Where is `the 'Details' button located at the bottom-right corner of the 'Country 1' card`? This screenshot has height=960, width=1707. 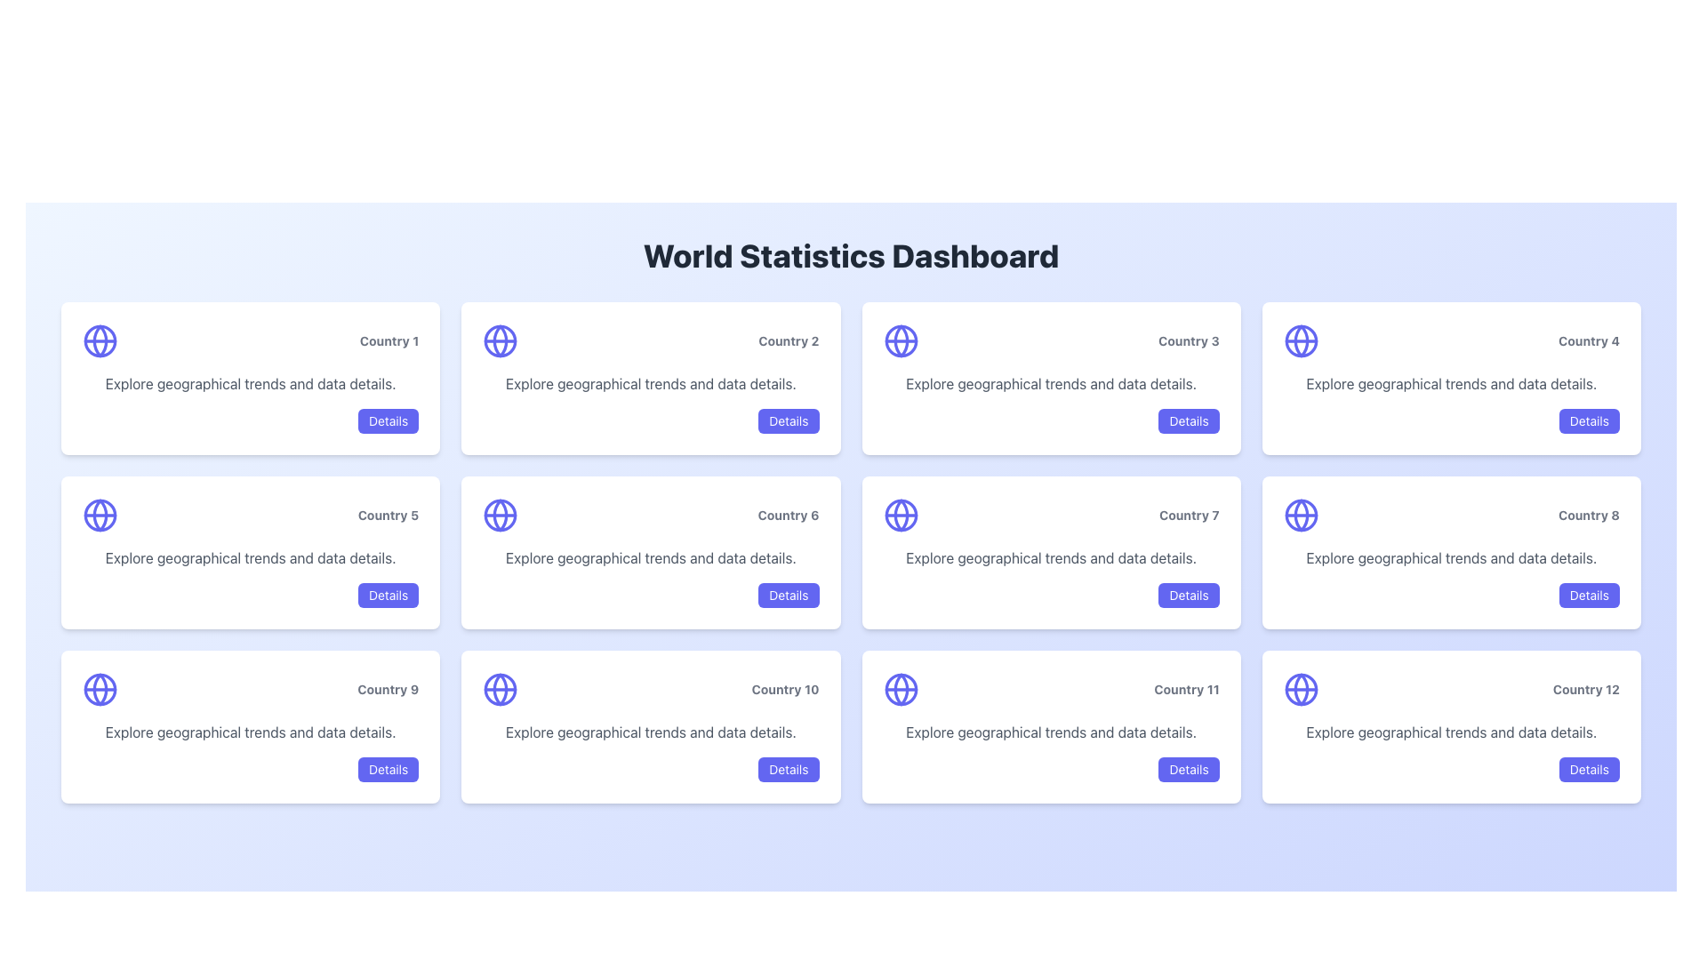
the 'Details' button located at the bottom-right corner of the 'Country 1' card is located at coordinates (388, 421).